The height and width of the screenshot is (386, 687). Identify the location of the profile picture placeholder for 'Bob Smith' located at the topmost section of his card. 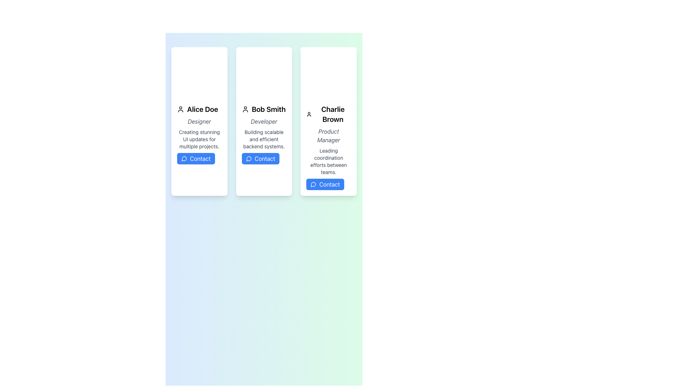
(264, 73).